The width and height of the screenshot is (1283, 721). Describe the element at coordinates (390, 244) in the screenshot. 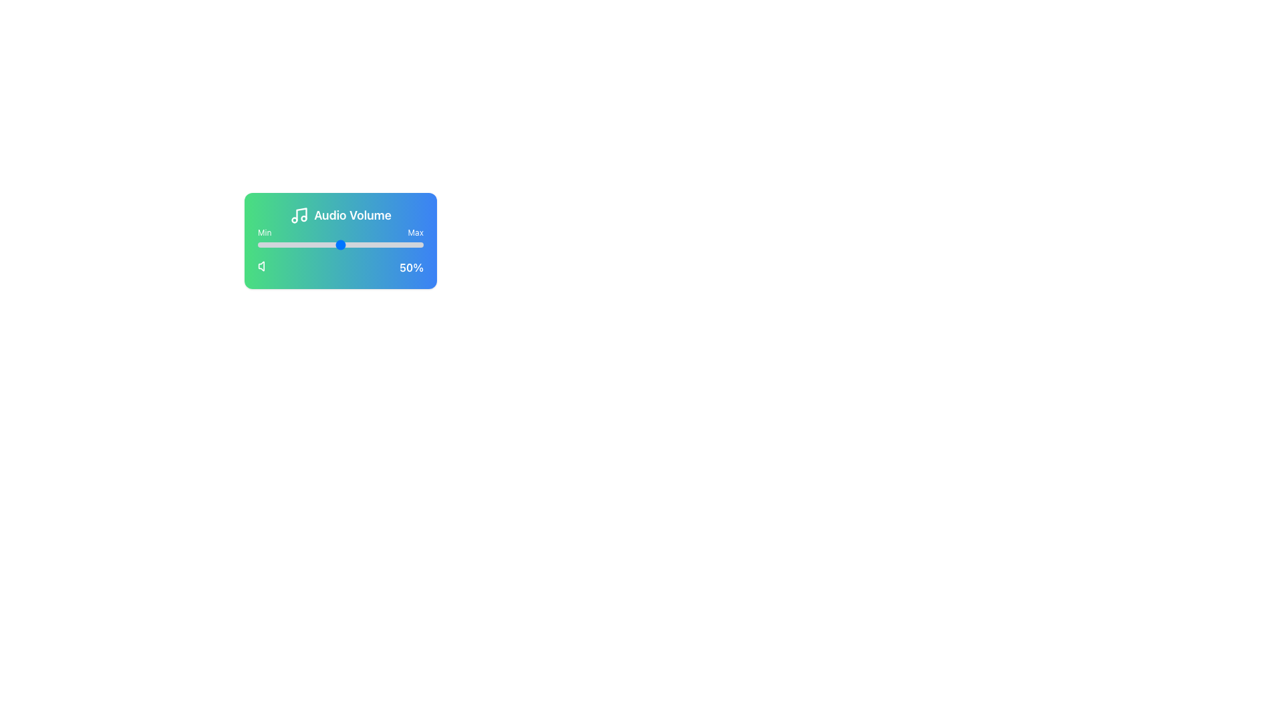

I see `the slider` at that location.